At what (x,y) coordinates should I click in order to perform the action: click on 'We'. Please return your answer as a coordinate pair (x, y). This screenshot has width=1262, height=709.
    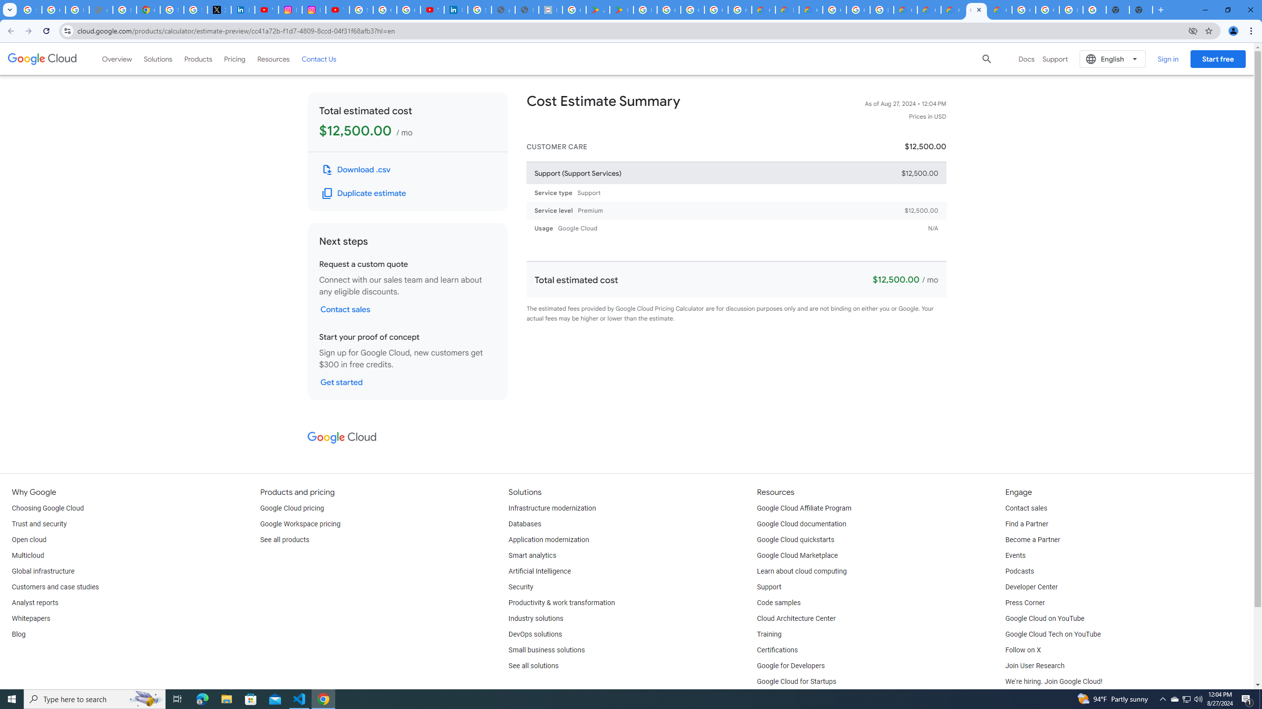
    Looking at the image, I should click on (1053, 682).